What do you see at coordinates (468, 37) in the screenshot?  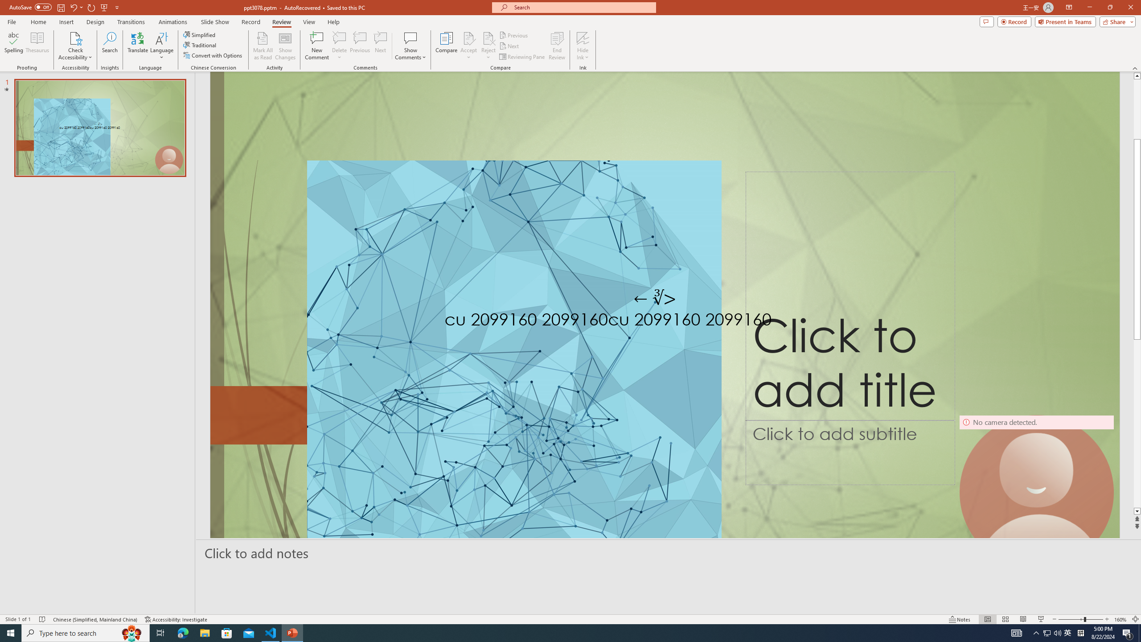 I see `'Accept Change'` at bounding box center [468, 37].